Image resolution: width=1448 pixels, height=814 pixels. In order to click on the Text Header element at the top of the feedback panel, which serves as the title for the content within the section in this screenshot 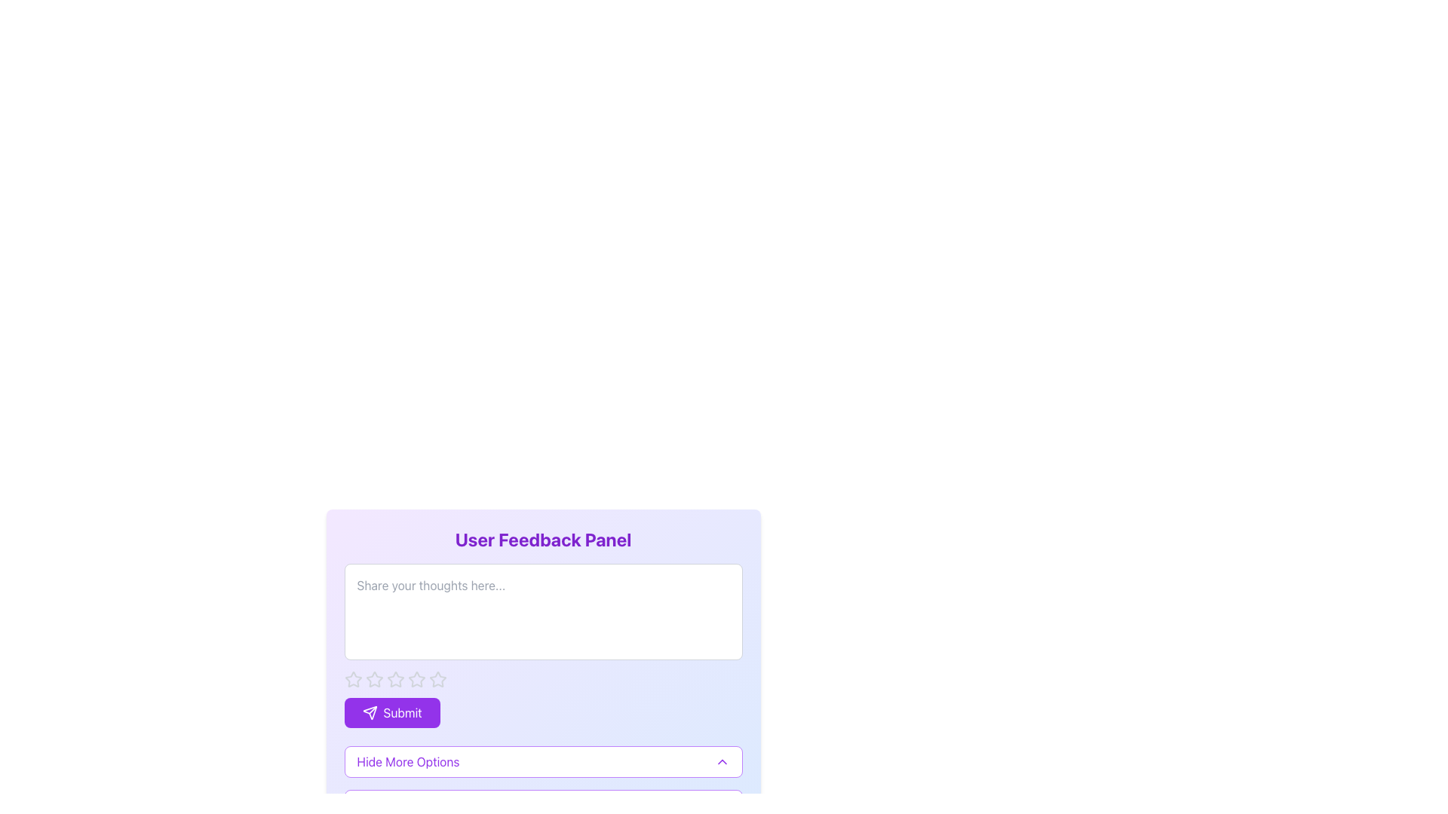, I will do `click(543, 539)`.